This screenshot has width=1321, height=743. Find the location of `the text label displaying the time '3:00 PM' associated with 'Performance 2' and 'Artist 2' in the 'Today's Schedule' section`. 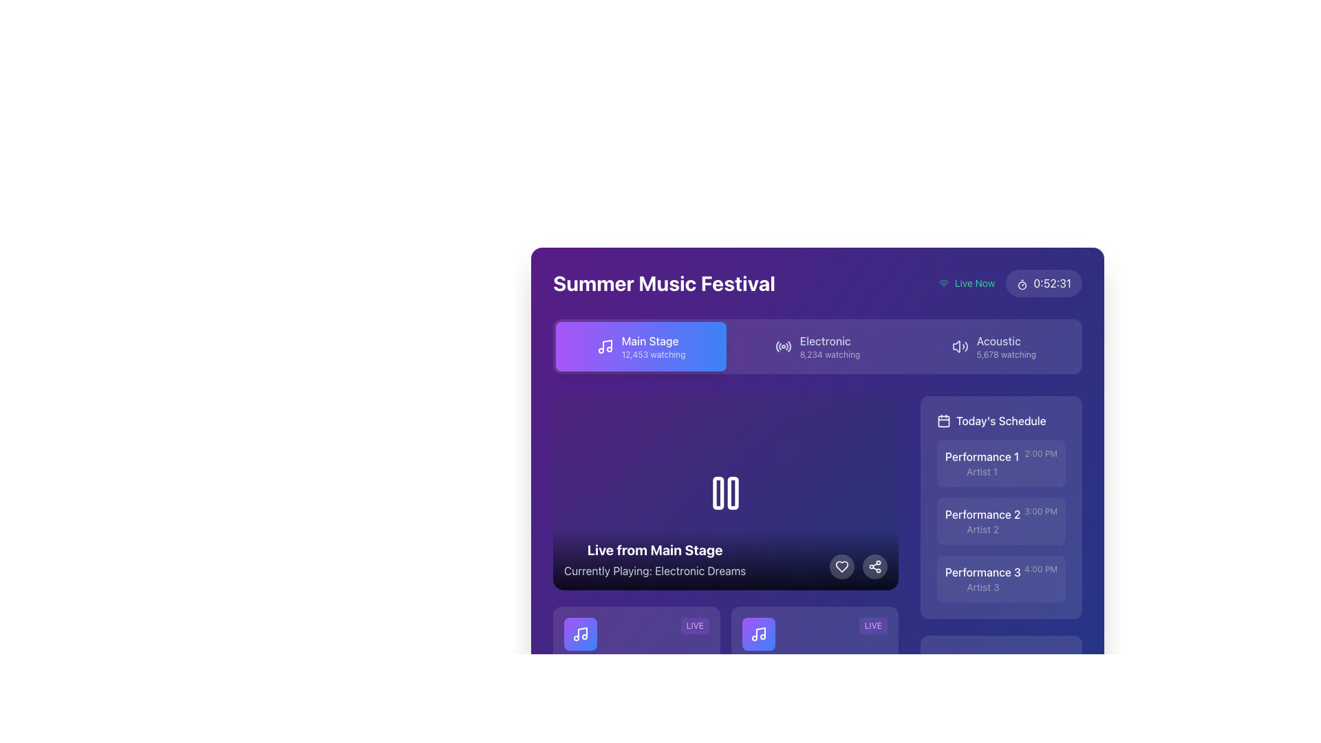

the text label displaying the time '3:00 PM' associated with 'Performance 2' and 'Artist 2' in the 'Today's Schedule' section is located at coordinates (1041, 512).